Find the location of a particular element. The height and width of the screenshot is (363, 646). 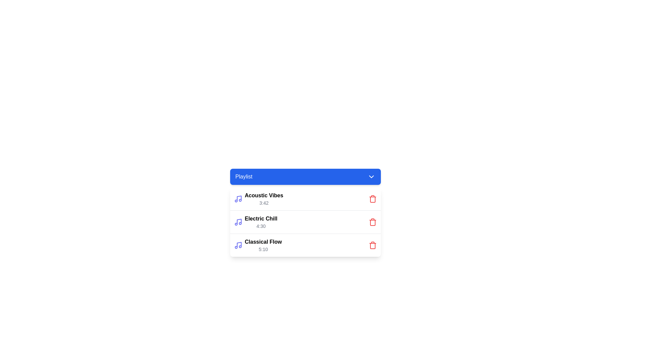

the second item in the playlist that displays the name and duration of a music track, which is located below 'Acoustic Vibes 3:42' and above 'Classical Flow 5:10' is located at coordinates (260, 222).